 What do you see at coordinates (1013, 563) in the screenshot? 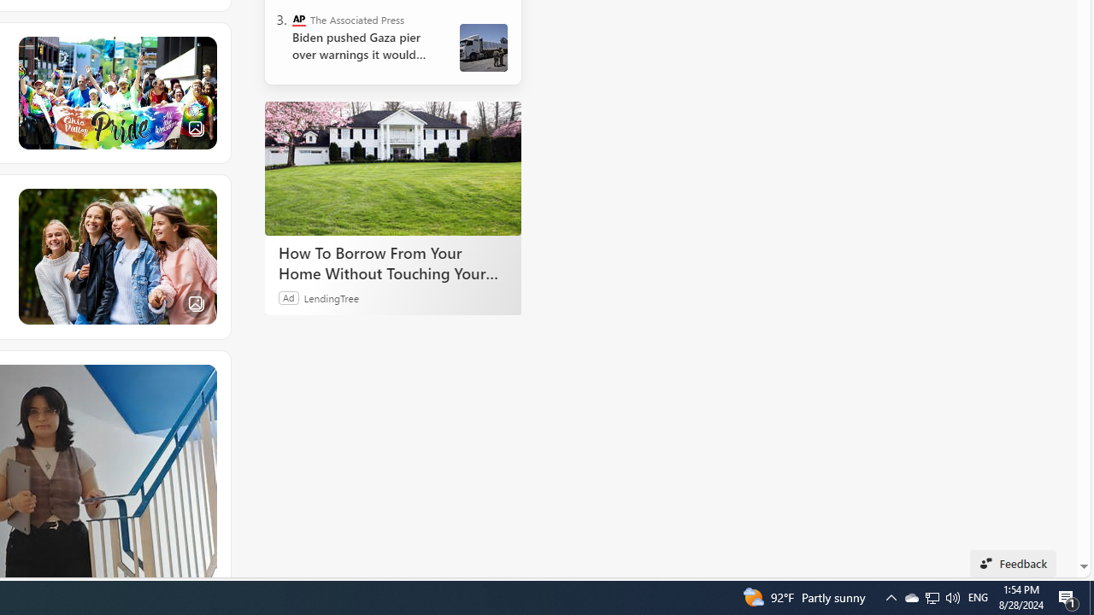
I see `'Feedback'` at bounding box center [1013, 563].